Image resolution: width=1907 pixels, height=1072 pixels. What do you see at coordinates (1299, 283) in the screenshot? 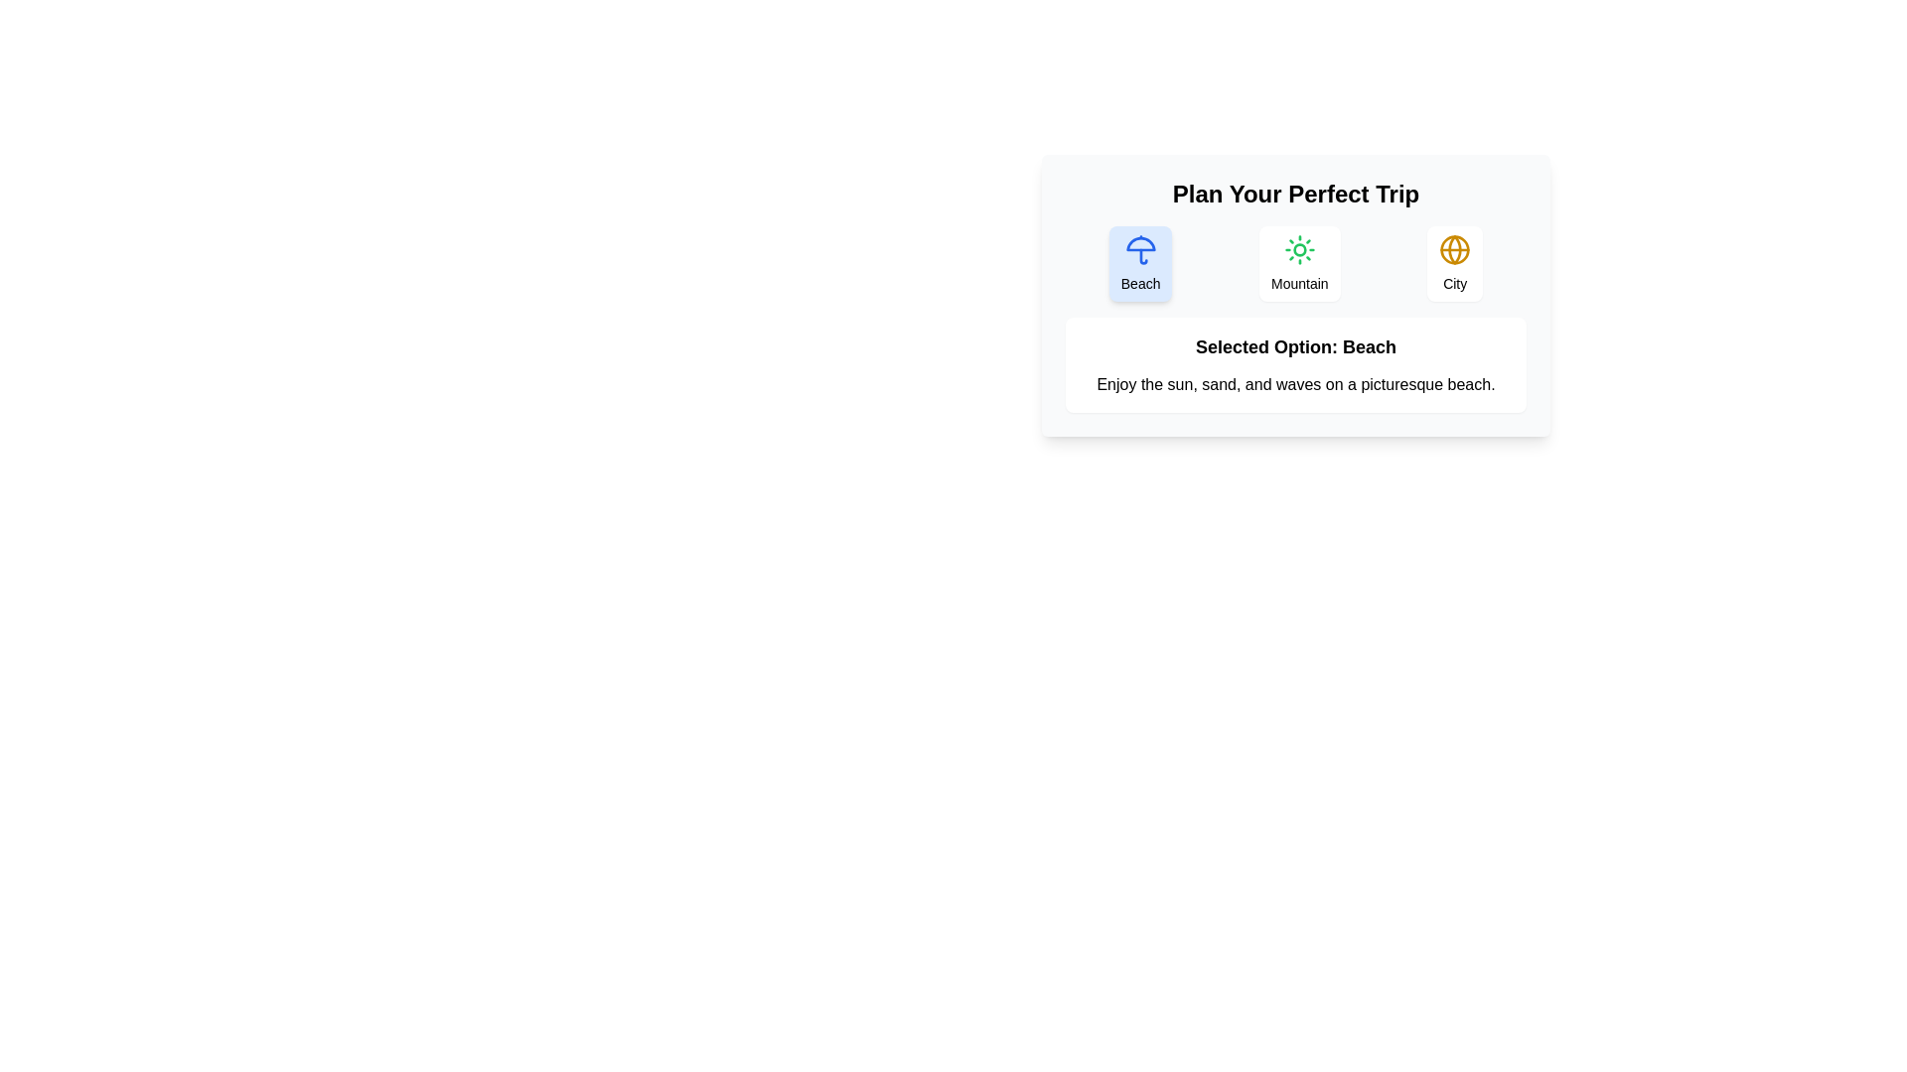
I see `the static text label that describes the 'Mountain' option, which is situated below a sun icon and between 'Beach' and 'City' containers` at bounding box center [1299, 283].